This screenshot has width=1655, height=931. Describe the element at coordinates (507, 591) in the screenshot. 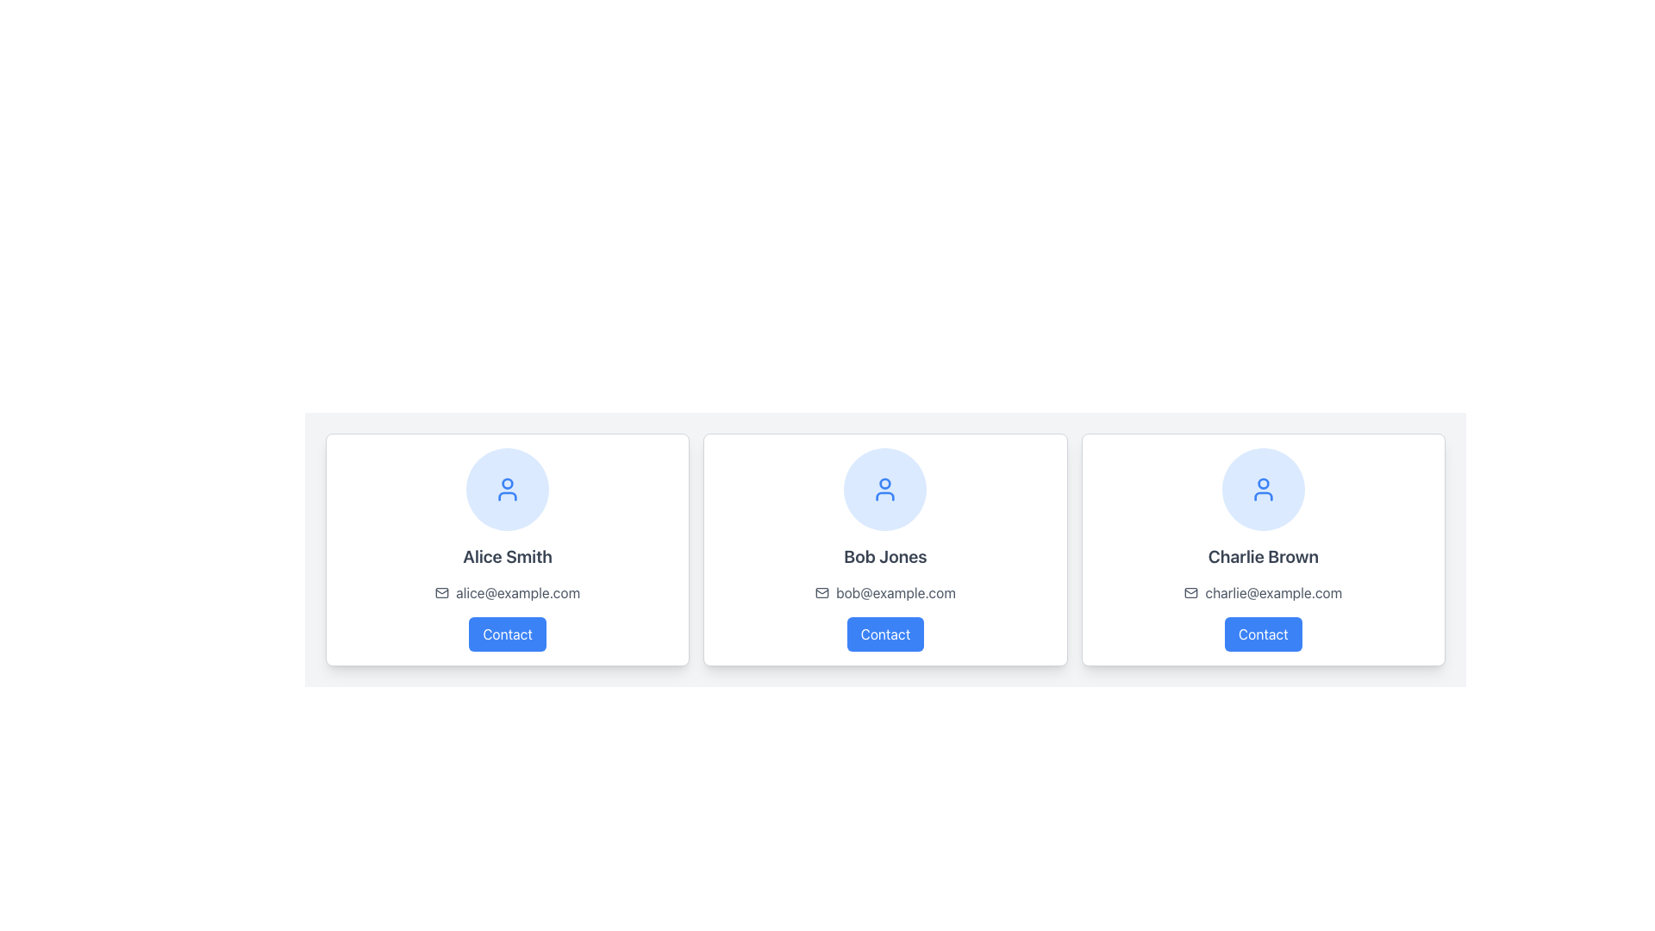

I see `content 'alice@example.com' from the static Text Label displaying the user's email address, located below the name 'Alice Smith' and above the 'Contact' button in the card layout` at that location.